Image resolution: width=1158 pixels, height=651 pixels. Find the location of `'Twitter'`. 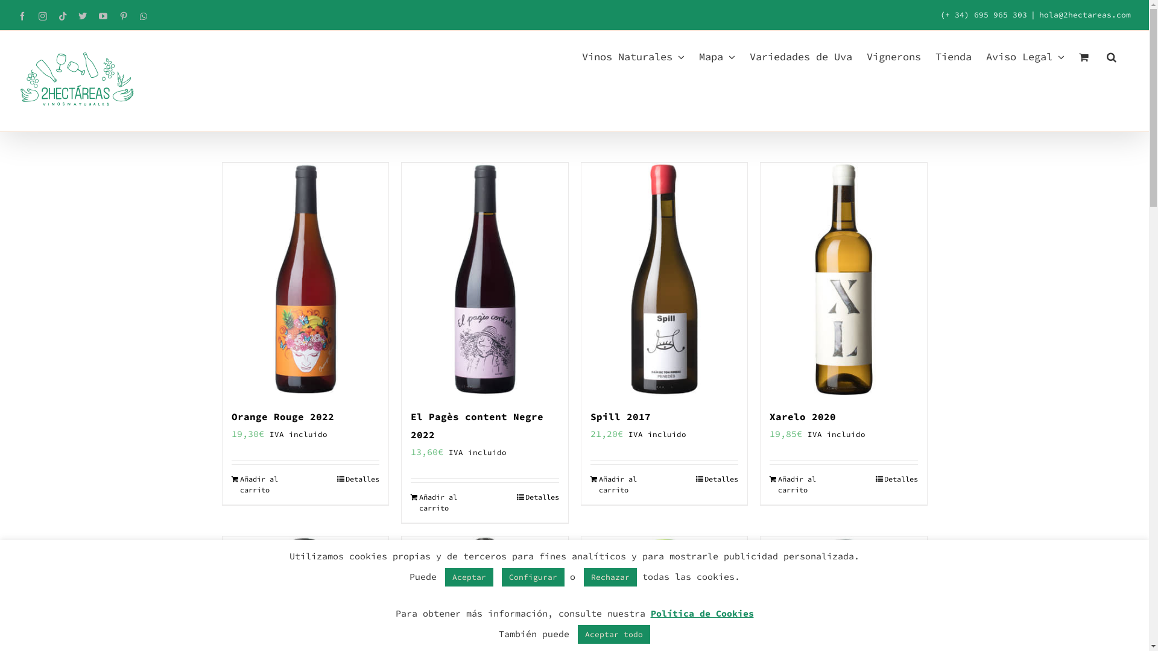

'Twitter' is located at coordinates (82, 16).